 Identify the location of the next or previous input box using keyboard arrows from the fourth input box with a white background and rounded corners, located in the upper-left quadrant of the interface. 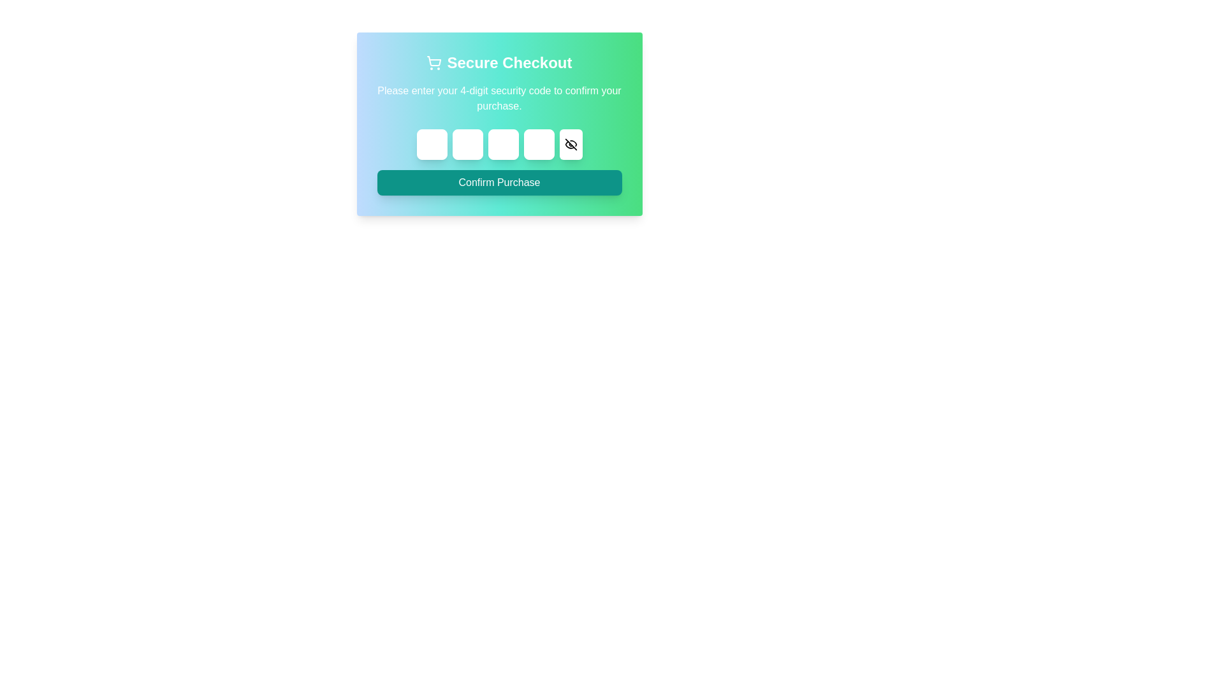
(539, 144).